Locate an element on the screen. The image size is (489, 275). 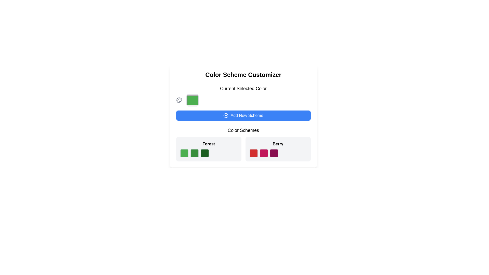
the decorative icon representing the color selection functionality, located to the left of the green square in the color scheme customizer interface is located at coordinates (179, 100).